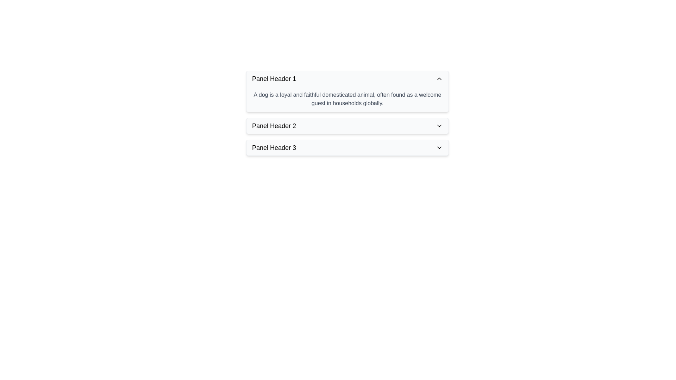 Image resolution: width=676 pixels, height=380 pixels. What do you see at coordinates (348, 99) in the screenshot?
I see `the text block containing the sentence 'A dog is a loyal and faithful domesticated animal, often found as a welcome guest in households globally.' located below 'Panel Header 1'` at bounding box center [348, 99].